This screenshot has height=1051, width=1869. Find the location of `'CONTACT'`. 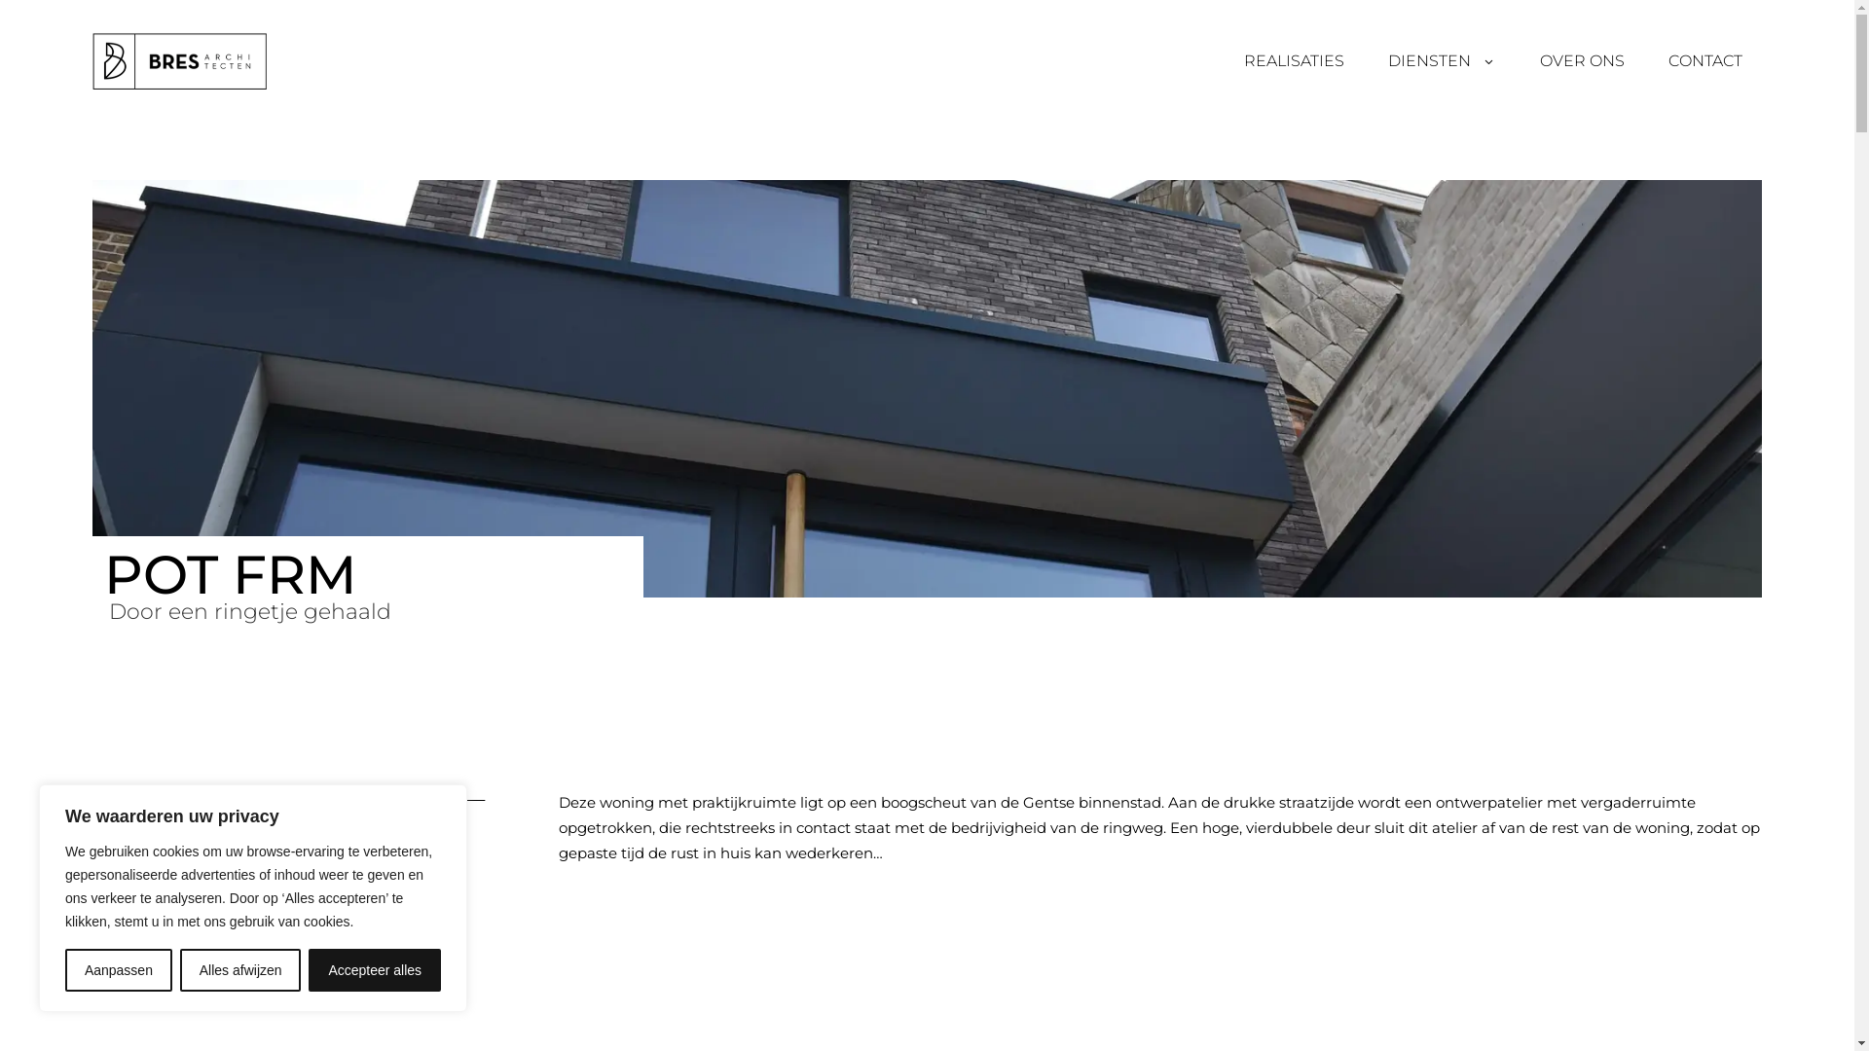

'CONTACT' is located at coordinates (1704, 59).